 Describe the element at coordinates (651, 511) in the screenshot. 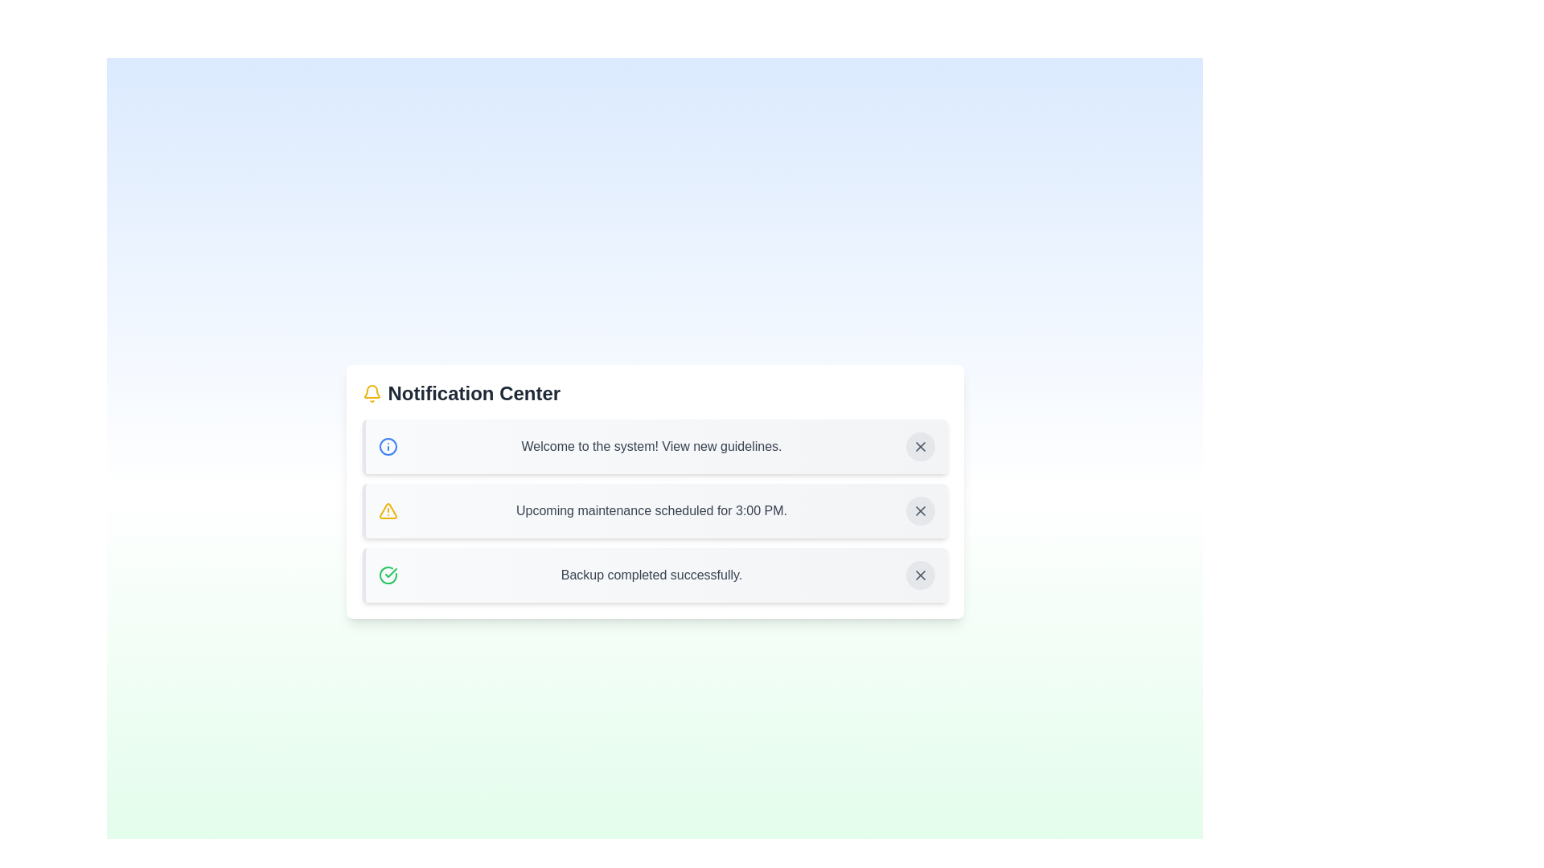

I see `the static text label that states 'Upcoming maintenance scheduled for 3:00 PM.' in the second notification card of the Notification Center` at that location.